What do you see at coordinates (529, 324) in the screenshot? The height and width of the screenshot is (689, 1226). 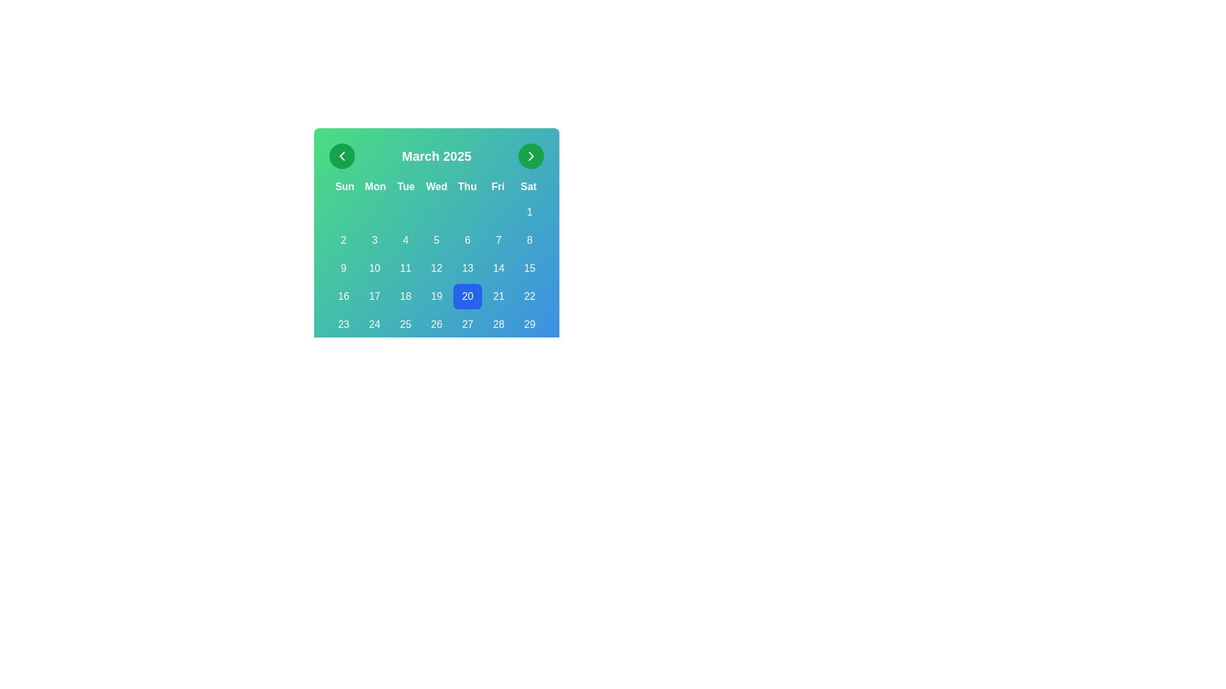 I see `the button displaying the number '29' in the calendar interface` at bounding box center [529, 324].